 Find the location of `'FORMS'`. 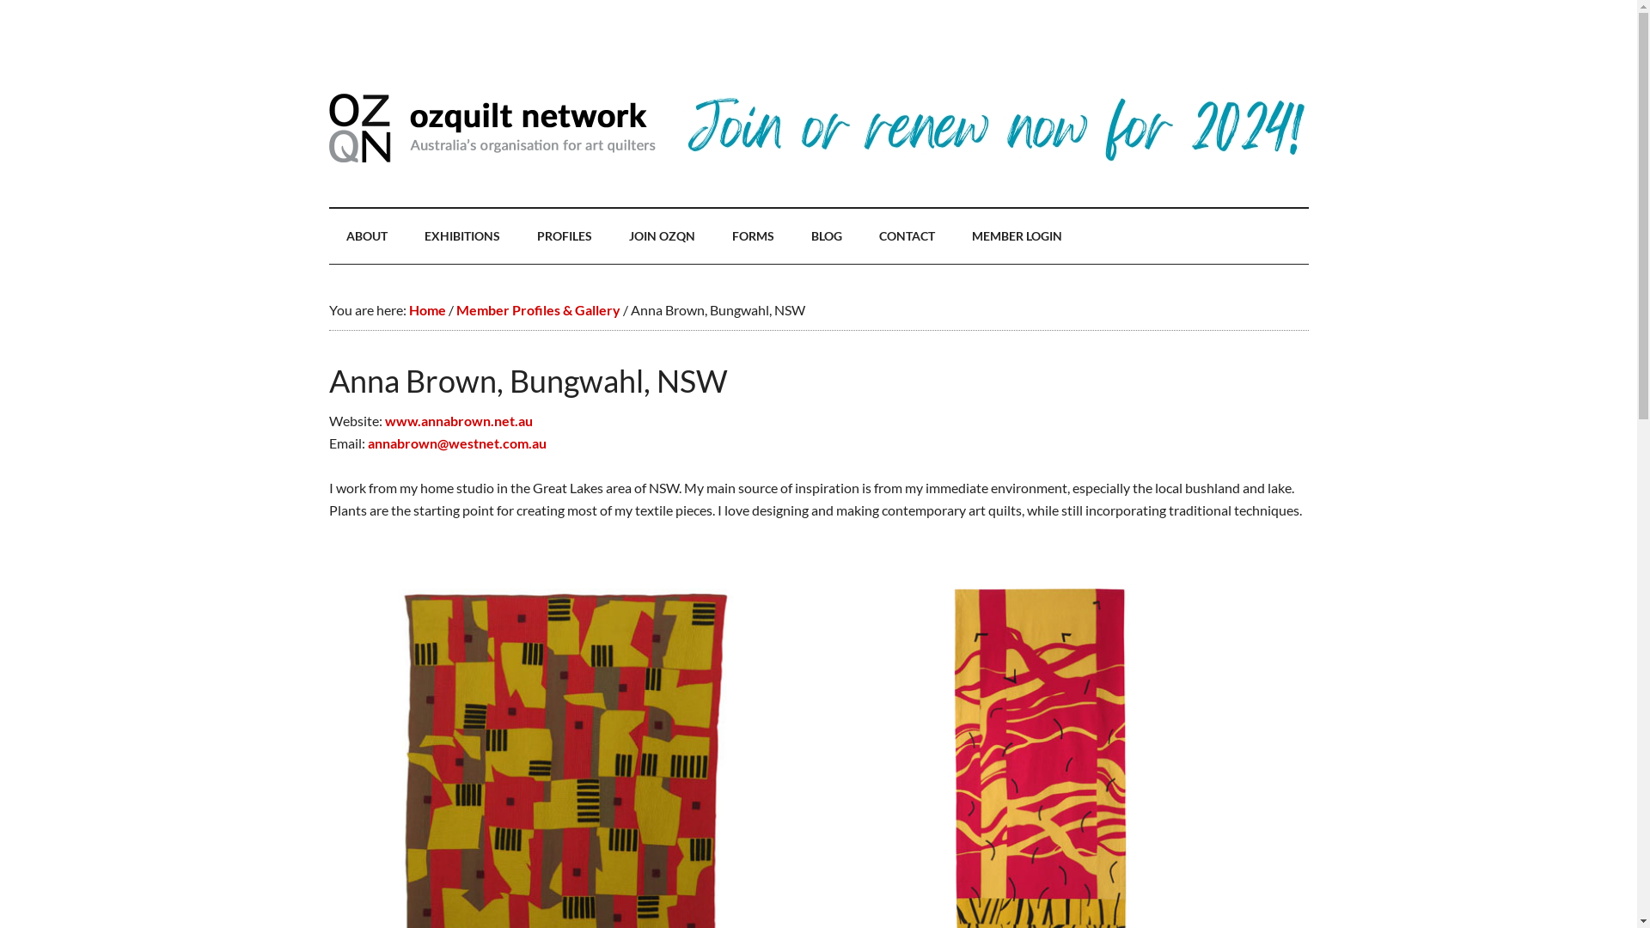

'FORMS' is located at coordinates (753, 235).